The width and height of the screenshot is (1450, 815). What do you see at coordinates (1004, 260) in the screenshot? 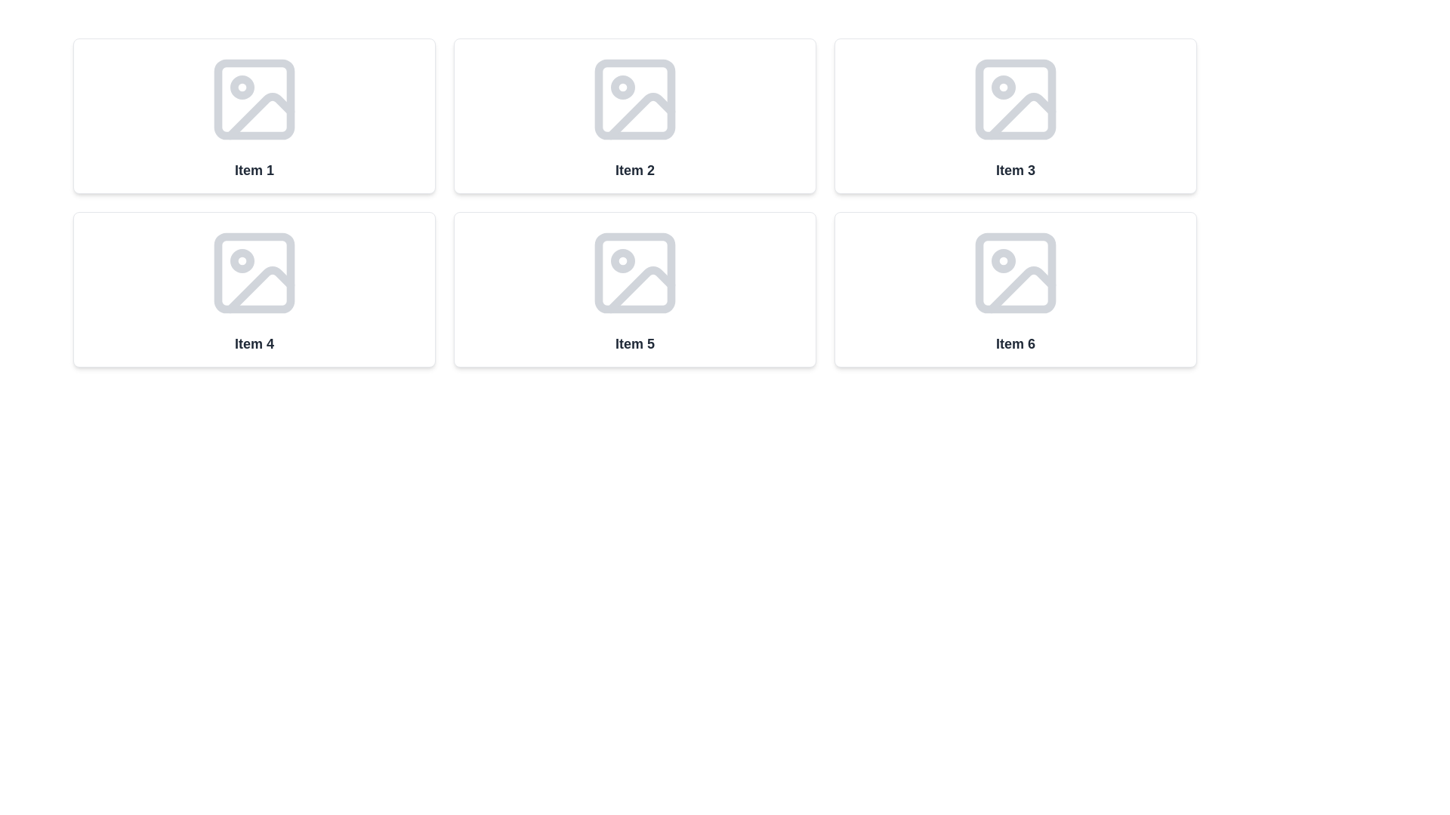
I see `the small circular decorative graphic element located within the icon of Item 6 in a grid layout` at bounding box center [1004, 260].